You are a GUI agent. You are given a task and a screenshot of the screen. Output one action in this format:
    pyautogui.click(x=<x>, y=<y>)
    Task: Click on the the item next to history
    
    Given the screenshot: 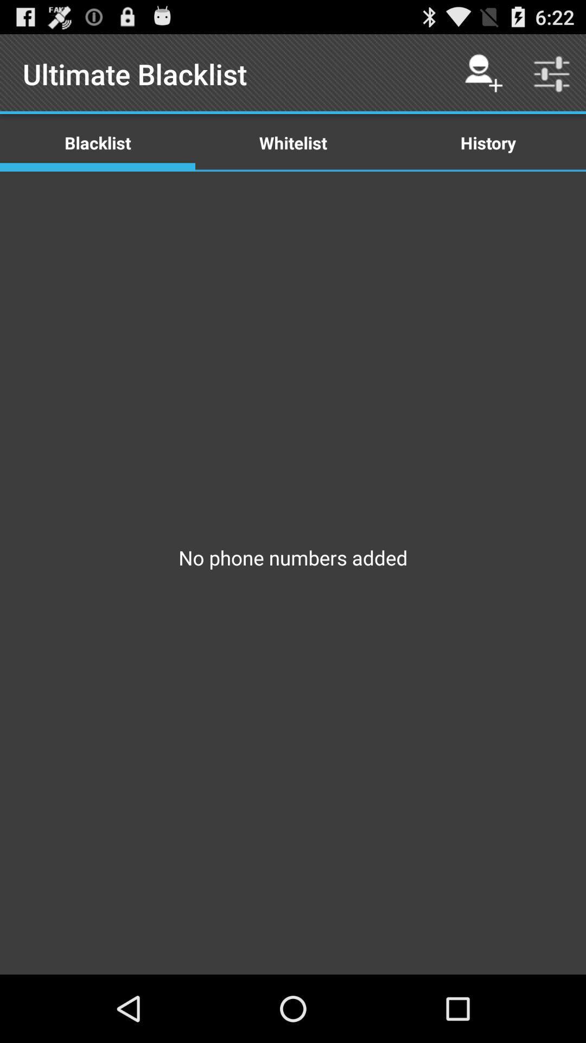 What is the action you would take?
    pyautogui.click(x=293, y=142)
    